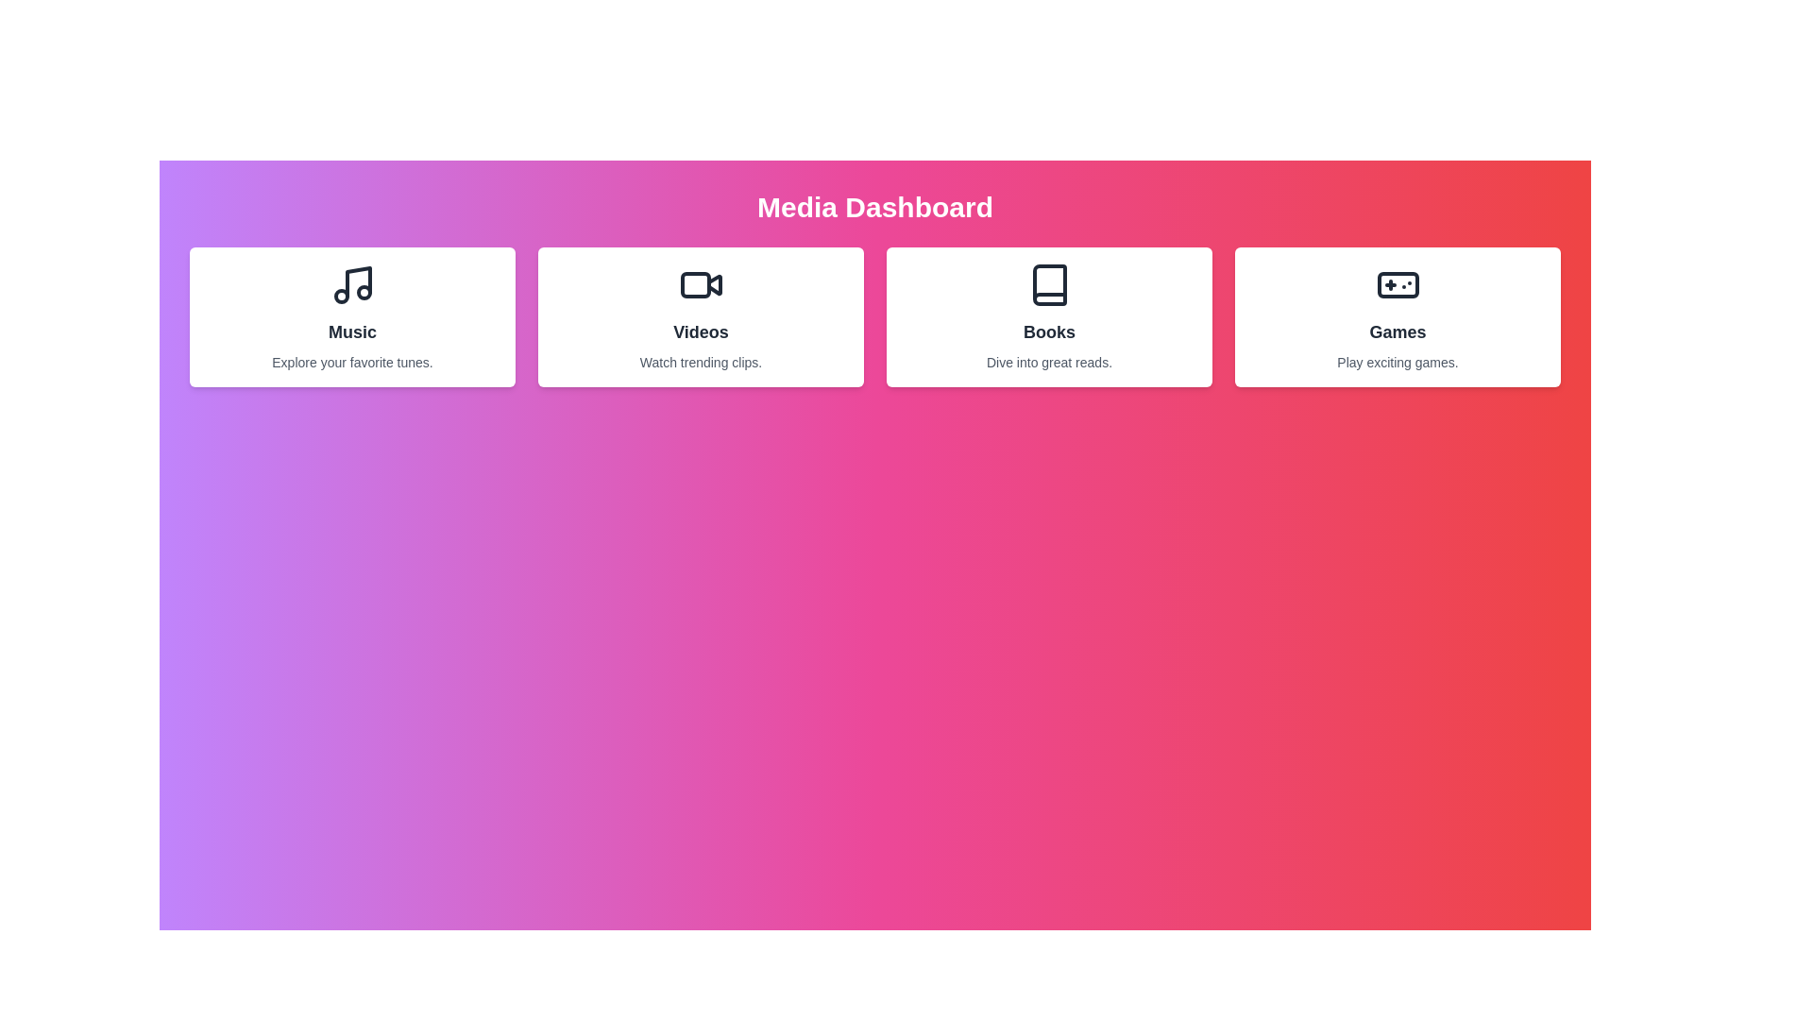 The height and width of the screenshot is (1020, 1813). What do you see at coordinates (1048, 315) in the screenshot?
I see `the 'Books' card` at bounding box center [1048, 315].